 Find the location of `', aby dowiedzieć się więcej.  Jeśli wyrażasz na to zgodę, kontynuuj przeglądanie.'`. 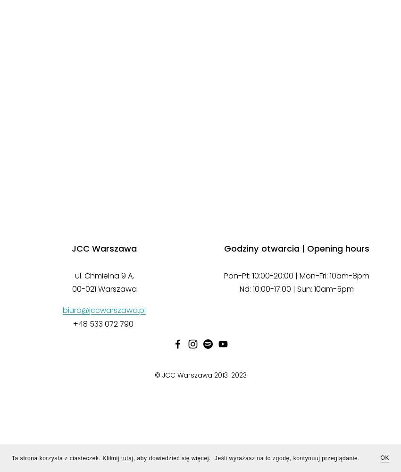

', aby dowiedzieć się więcej.  Jeśli wyrażasz na to zgodę, kontynuuj przeglądanie.' is located at coordinates (245, 457).